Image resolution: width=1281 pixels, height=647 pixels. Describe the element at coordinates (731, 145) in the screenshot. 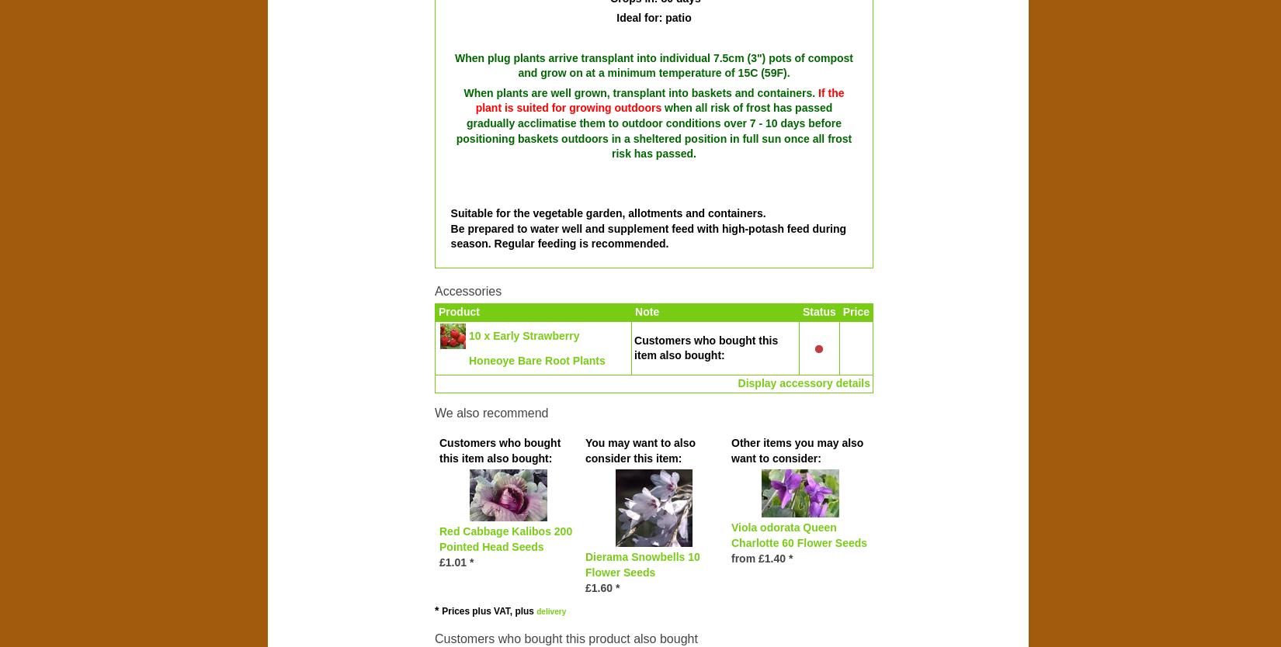

I see `'once all frost risk has passed'` at that location.